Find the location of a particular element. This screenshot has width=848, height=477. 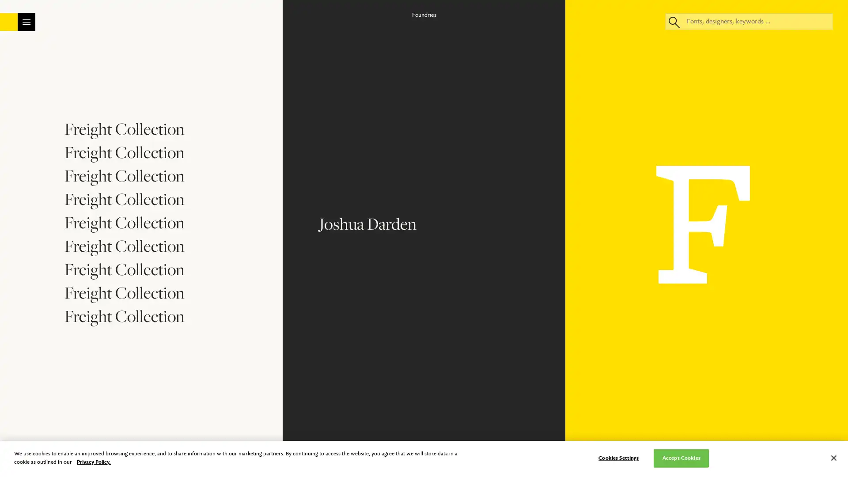

Close is located at coordinates (833, 457).